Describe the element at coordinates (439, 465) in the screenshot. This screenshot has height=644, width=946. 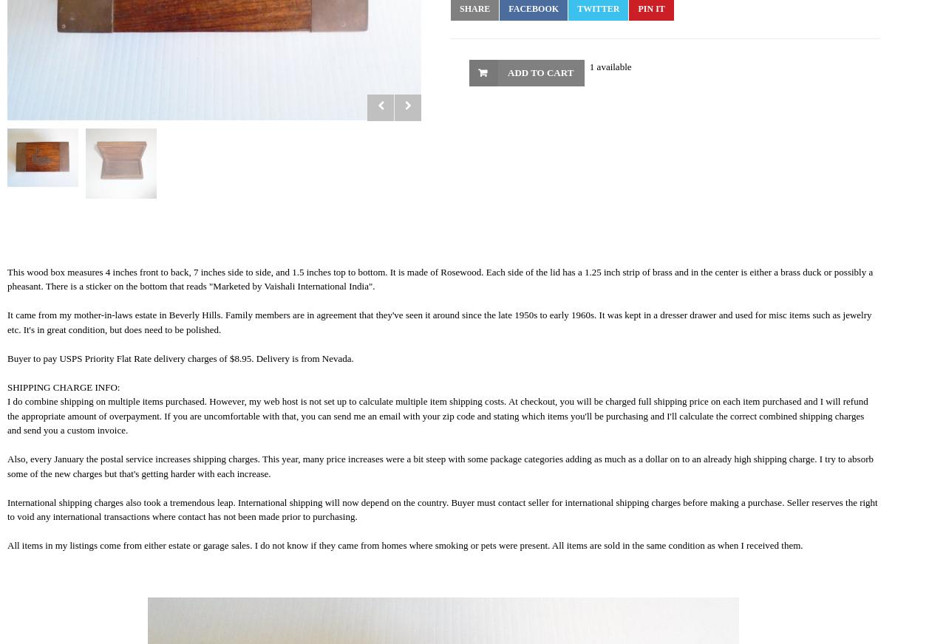
I see `'Also, every January the postal service increases shipping charges. This year, many price increases were a bit steep with some package categories adding as much as a dollar on to an already high shipping charge. I try to absorb some of the new charges but that's getting harder with each increase.'` at that location.